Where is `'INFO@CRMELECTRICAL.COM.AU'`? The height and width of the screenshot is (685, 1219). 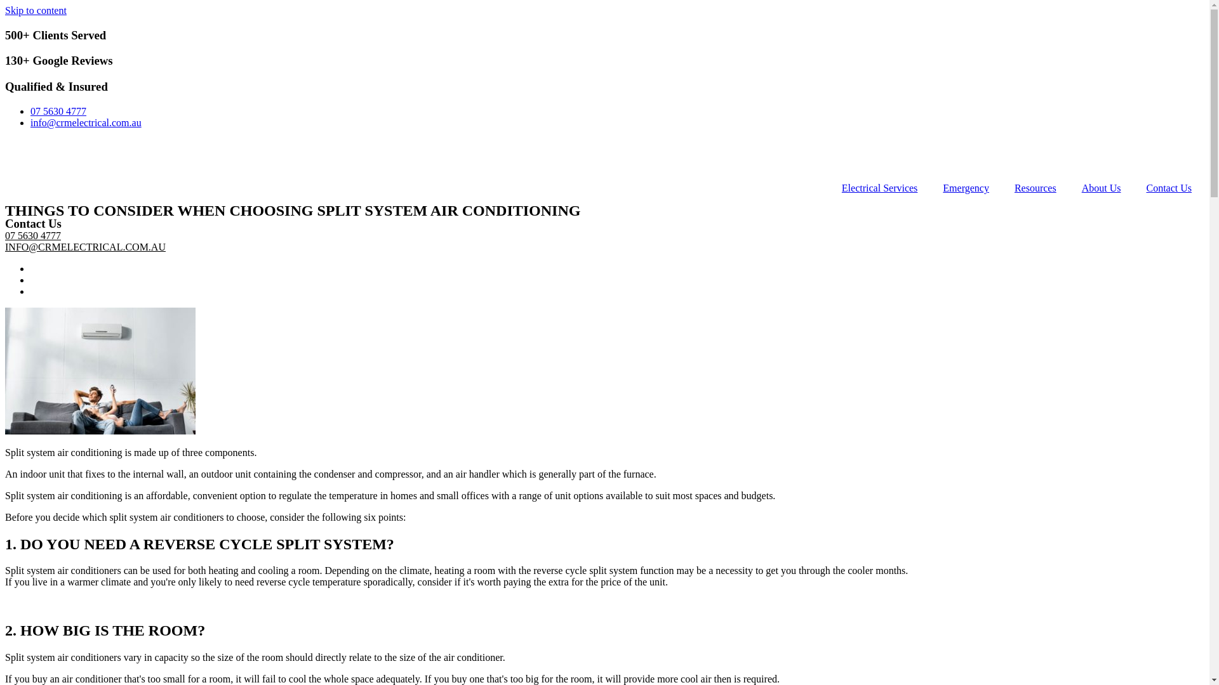
'INFO@CRMELECTRICAL.COM.AU' is located at coordinates (84, 247).